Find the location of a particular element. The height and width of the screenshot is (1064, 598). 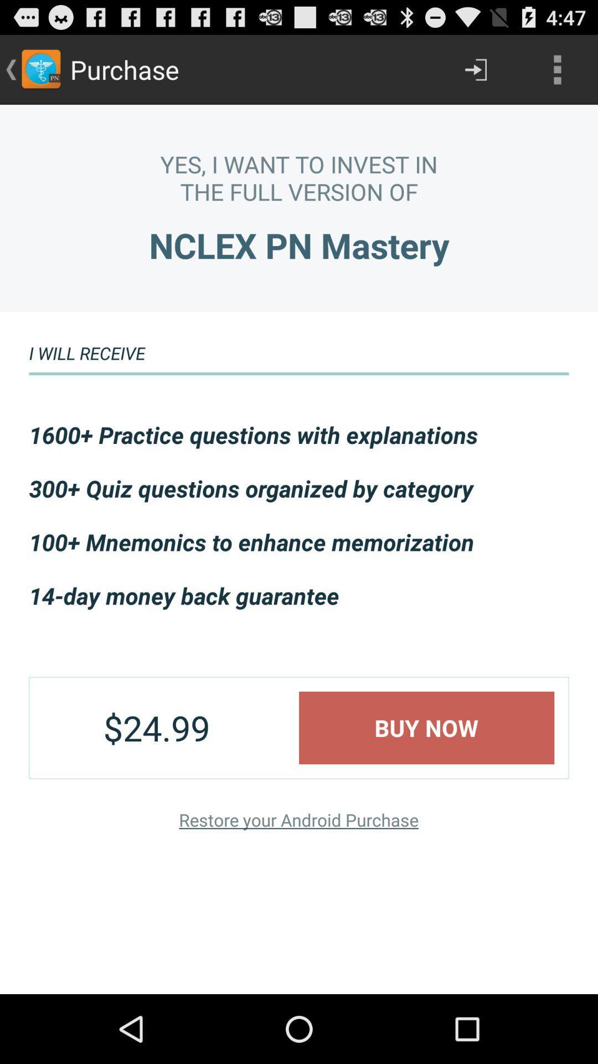

the app to the right of the purchase icon is located at coordinates (475, 69).